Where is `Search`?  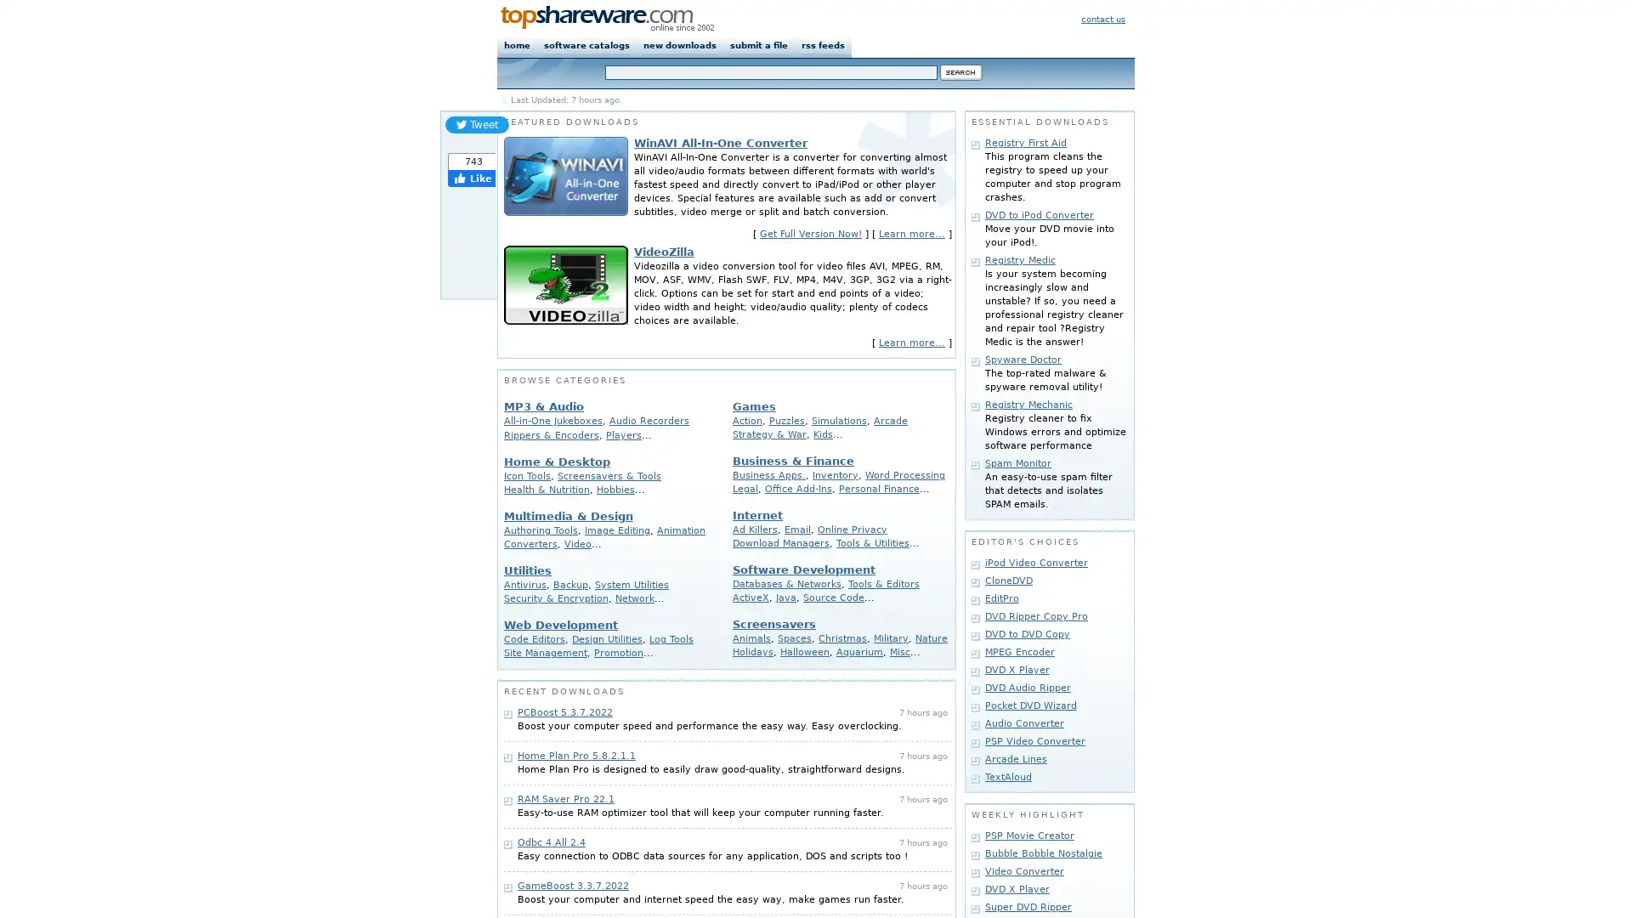
Search is located at coordinates (961, 71).